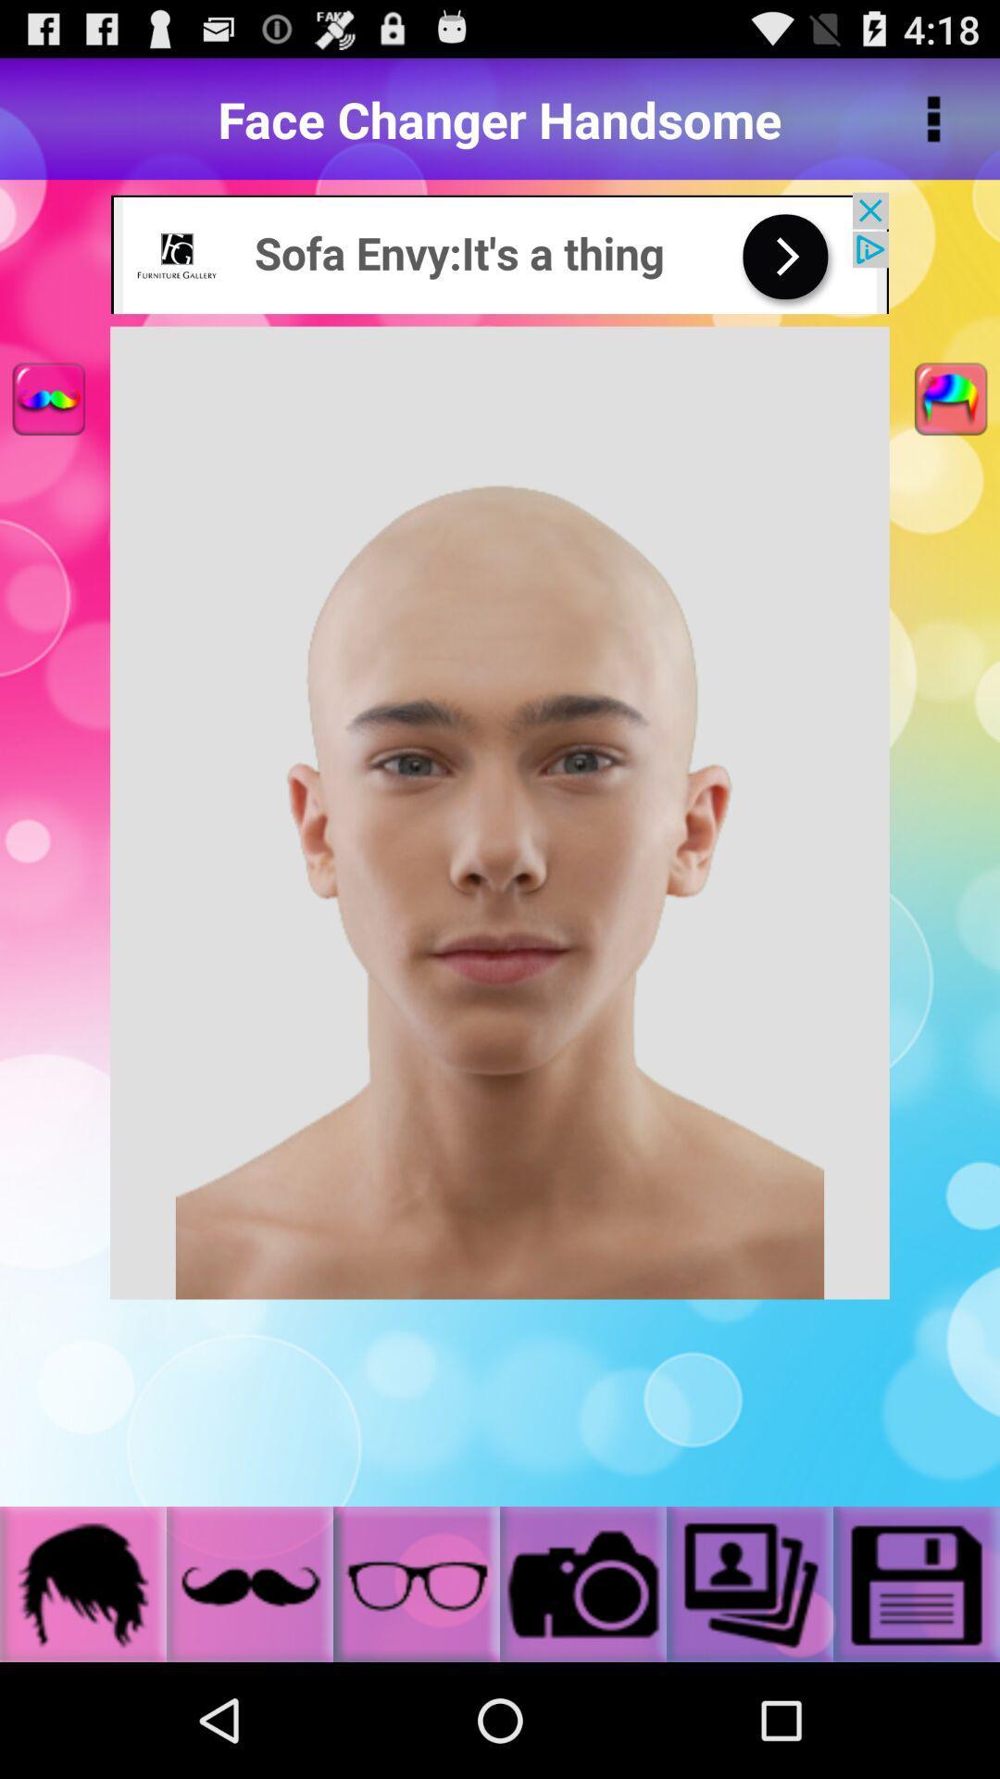 This screenshot has width=1000, height=1779. What do you see at coordinates (581, 1583) in the screenshot?
I see `the camera` at bounding box center [581, 1583].